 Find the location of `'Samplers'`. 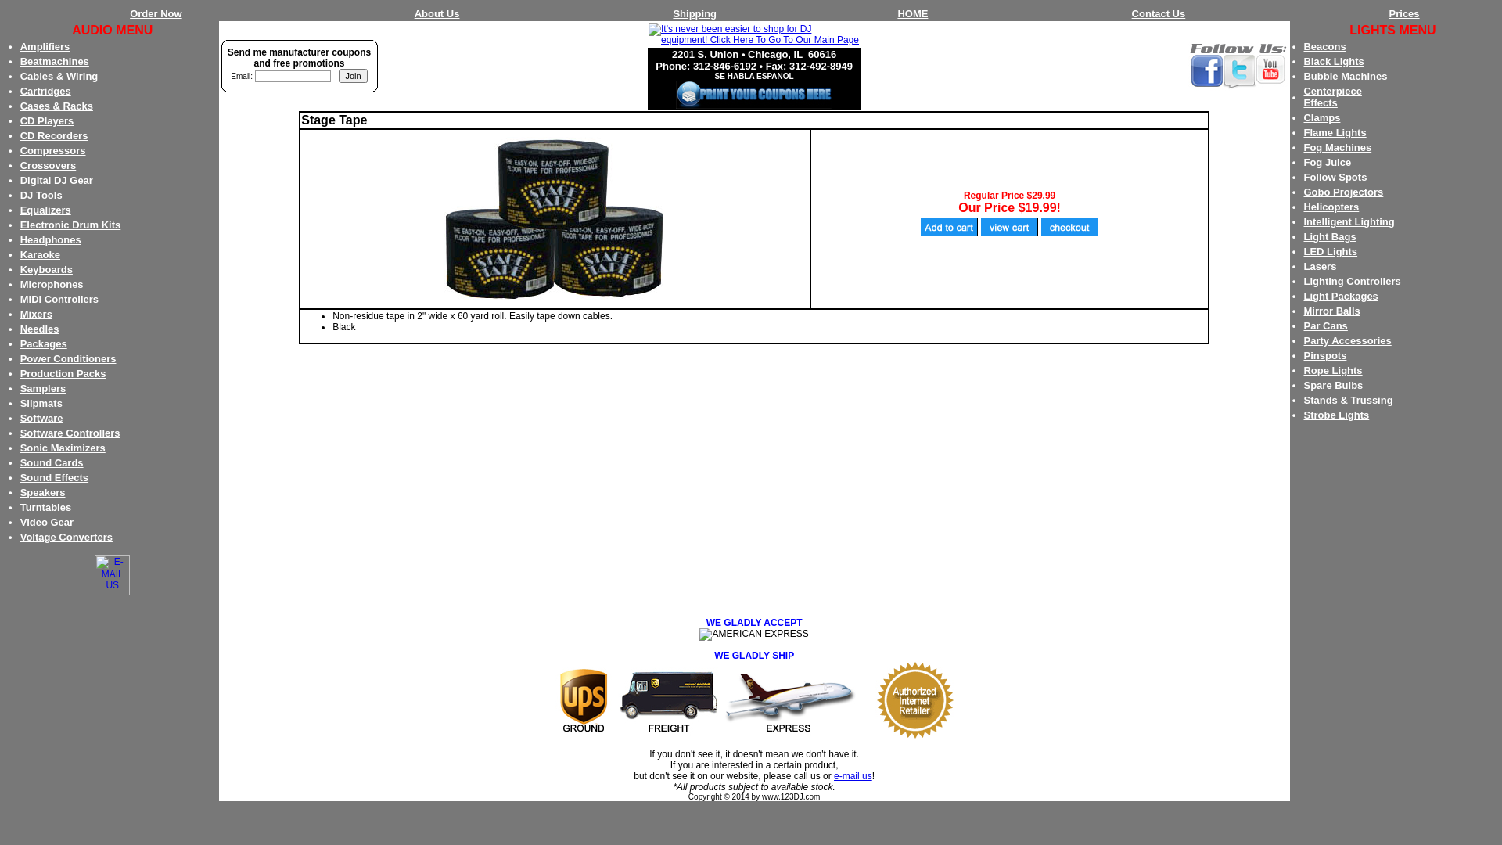

'Samplers' is located at coordinates (20, 387).